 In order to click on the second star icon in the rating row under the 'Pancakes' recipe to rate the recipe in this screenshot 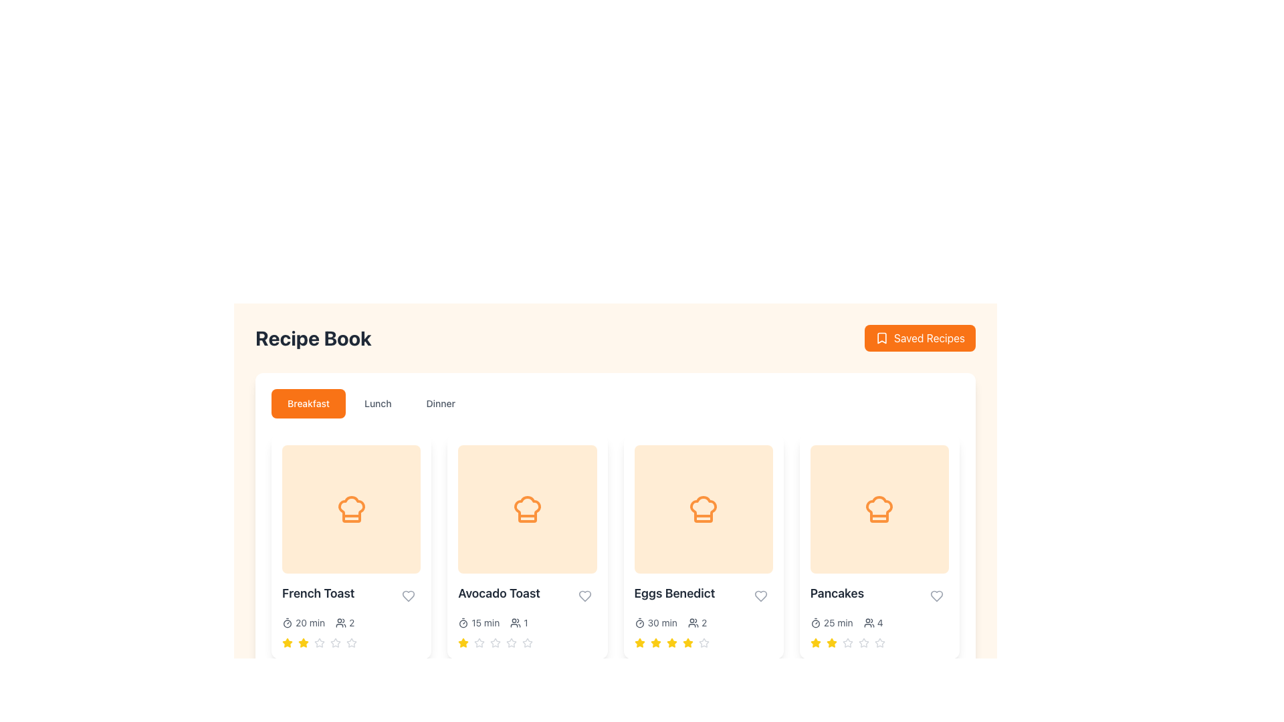, I will do `click(847, 642)`.